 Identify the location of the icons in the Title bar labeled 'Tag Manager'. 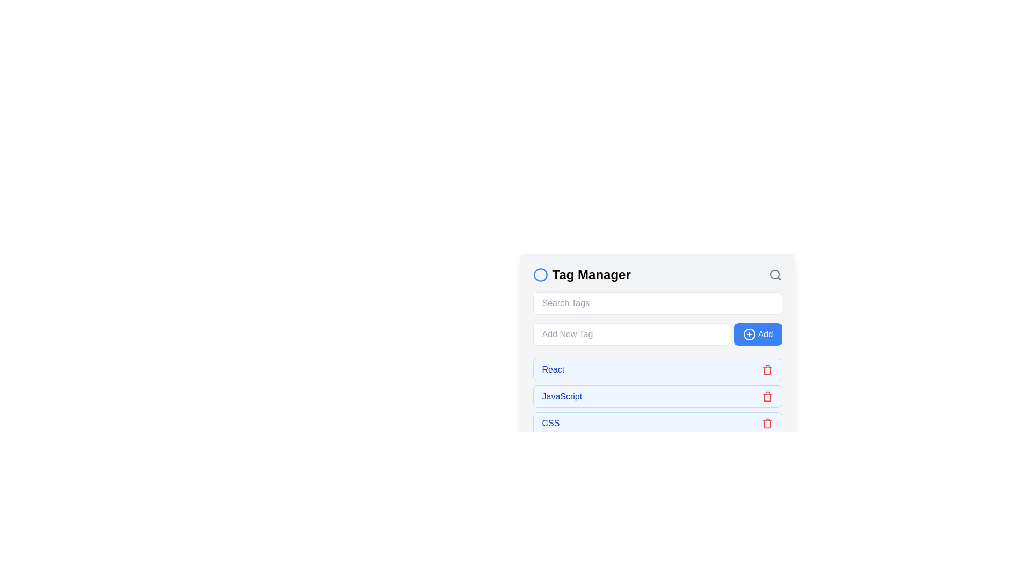
(657, 274).